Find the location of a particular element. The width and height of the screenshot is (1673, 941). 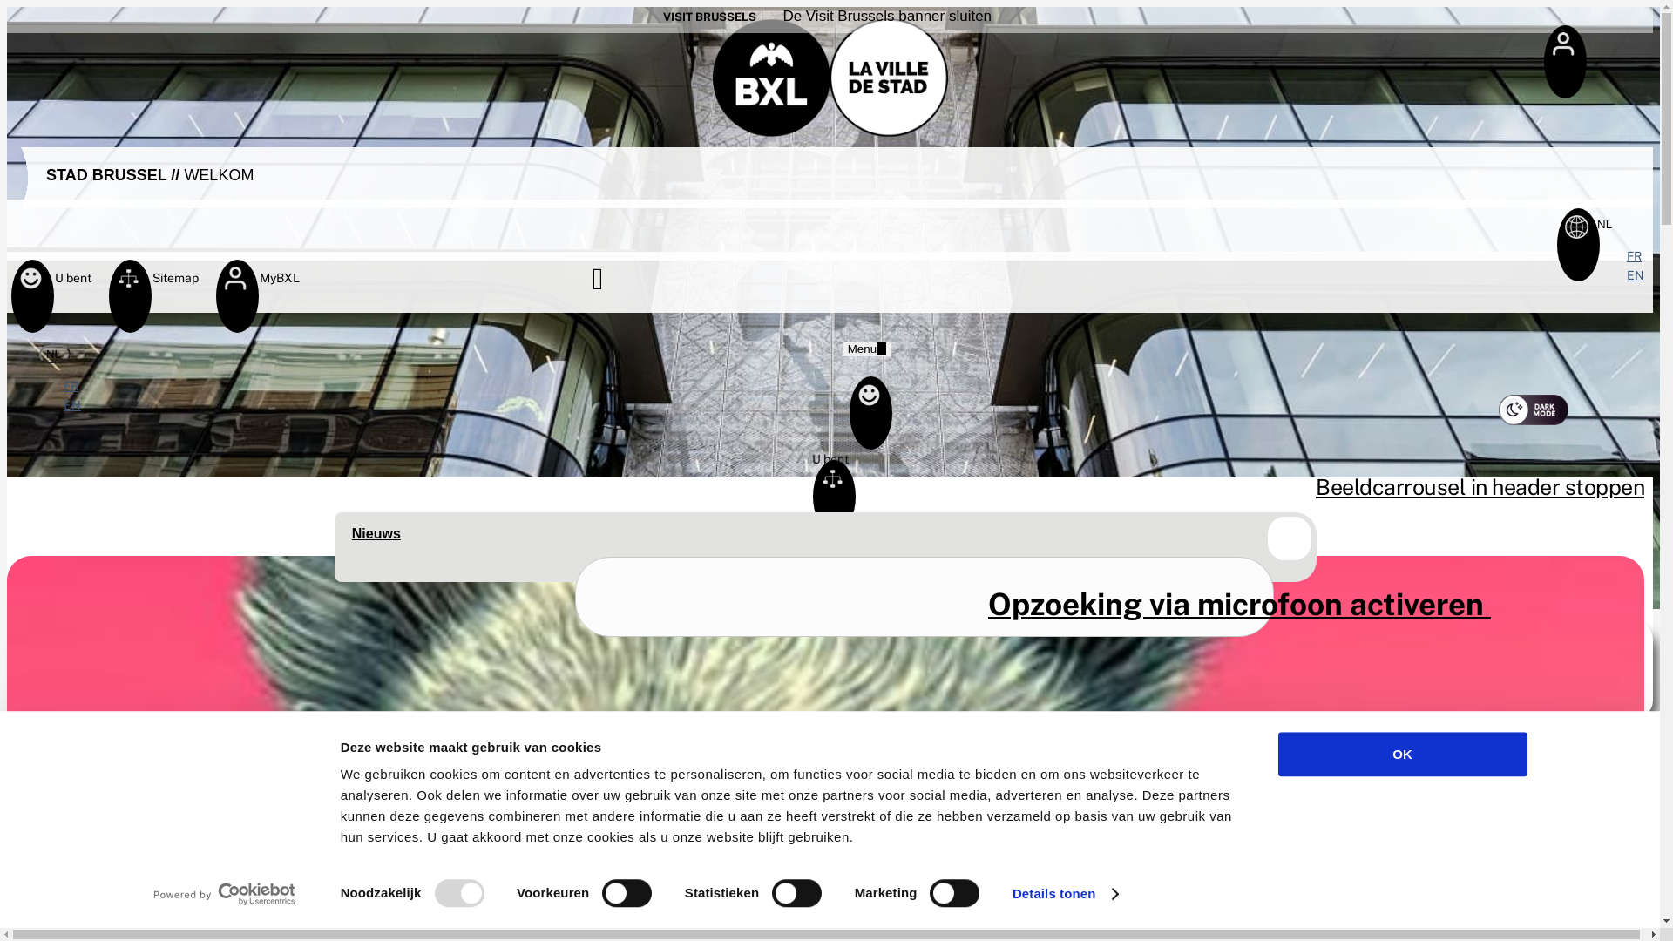

'Homepage Stad Brussel' is located at coordinates (830, 72).